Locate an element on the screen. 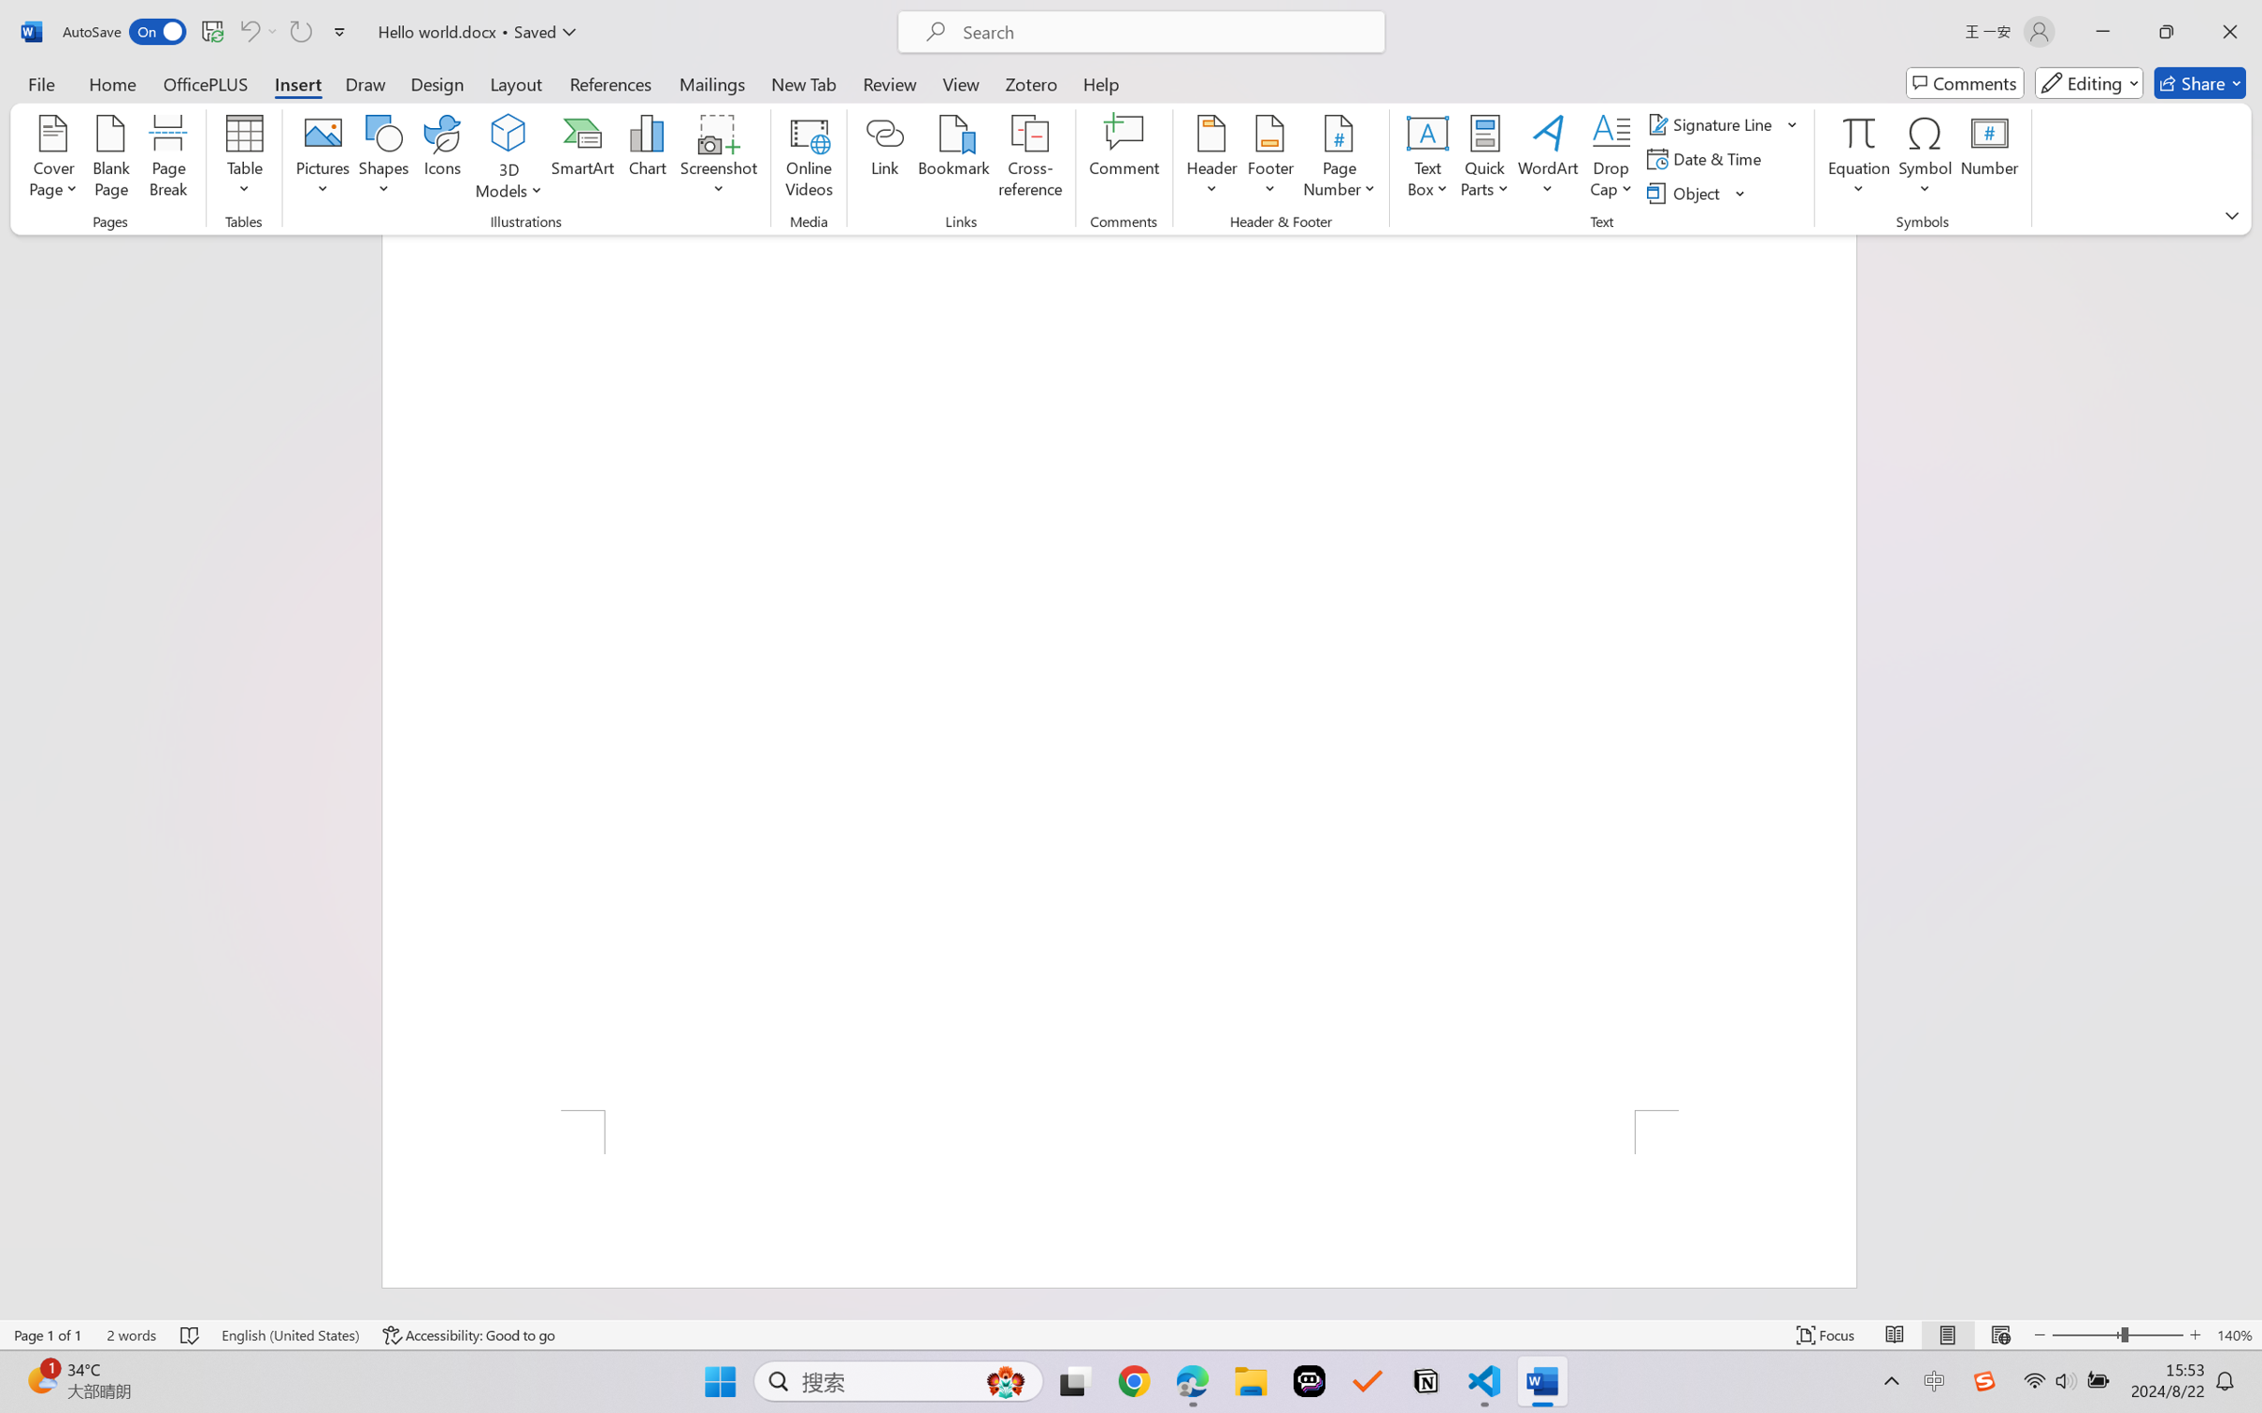 Image resolution: width=2262 pixels, height=1413 pixels. 'Review' is located at coordinates (889, 82).